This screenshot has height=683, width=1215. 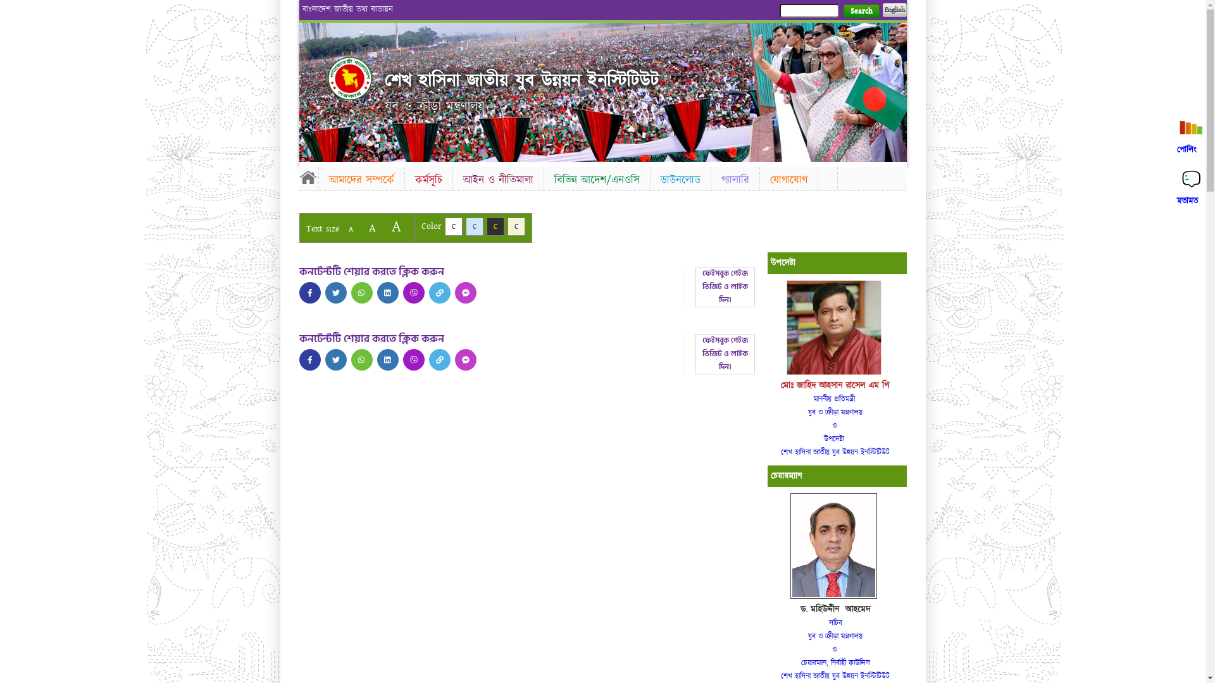 What do you see at coordinates (473, 226) in the screenshot?
I see `'C'` at bounding box center [473, 226].